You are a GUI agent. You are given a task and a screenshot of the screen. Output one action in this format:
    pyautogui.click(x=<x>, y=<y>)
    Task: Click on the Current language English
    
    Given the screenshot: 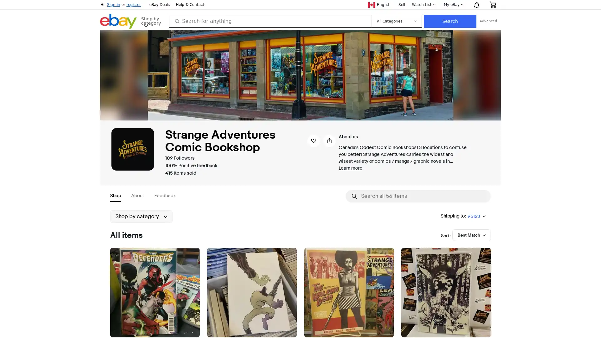 What is the action you would take?
    pyautogui.click(x=380, y=5)
    